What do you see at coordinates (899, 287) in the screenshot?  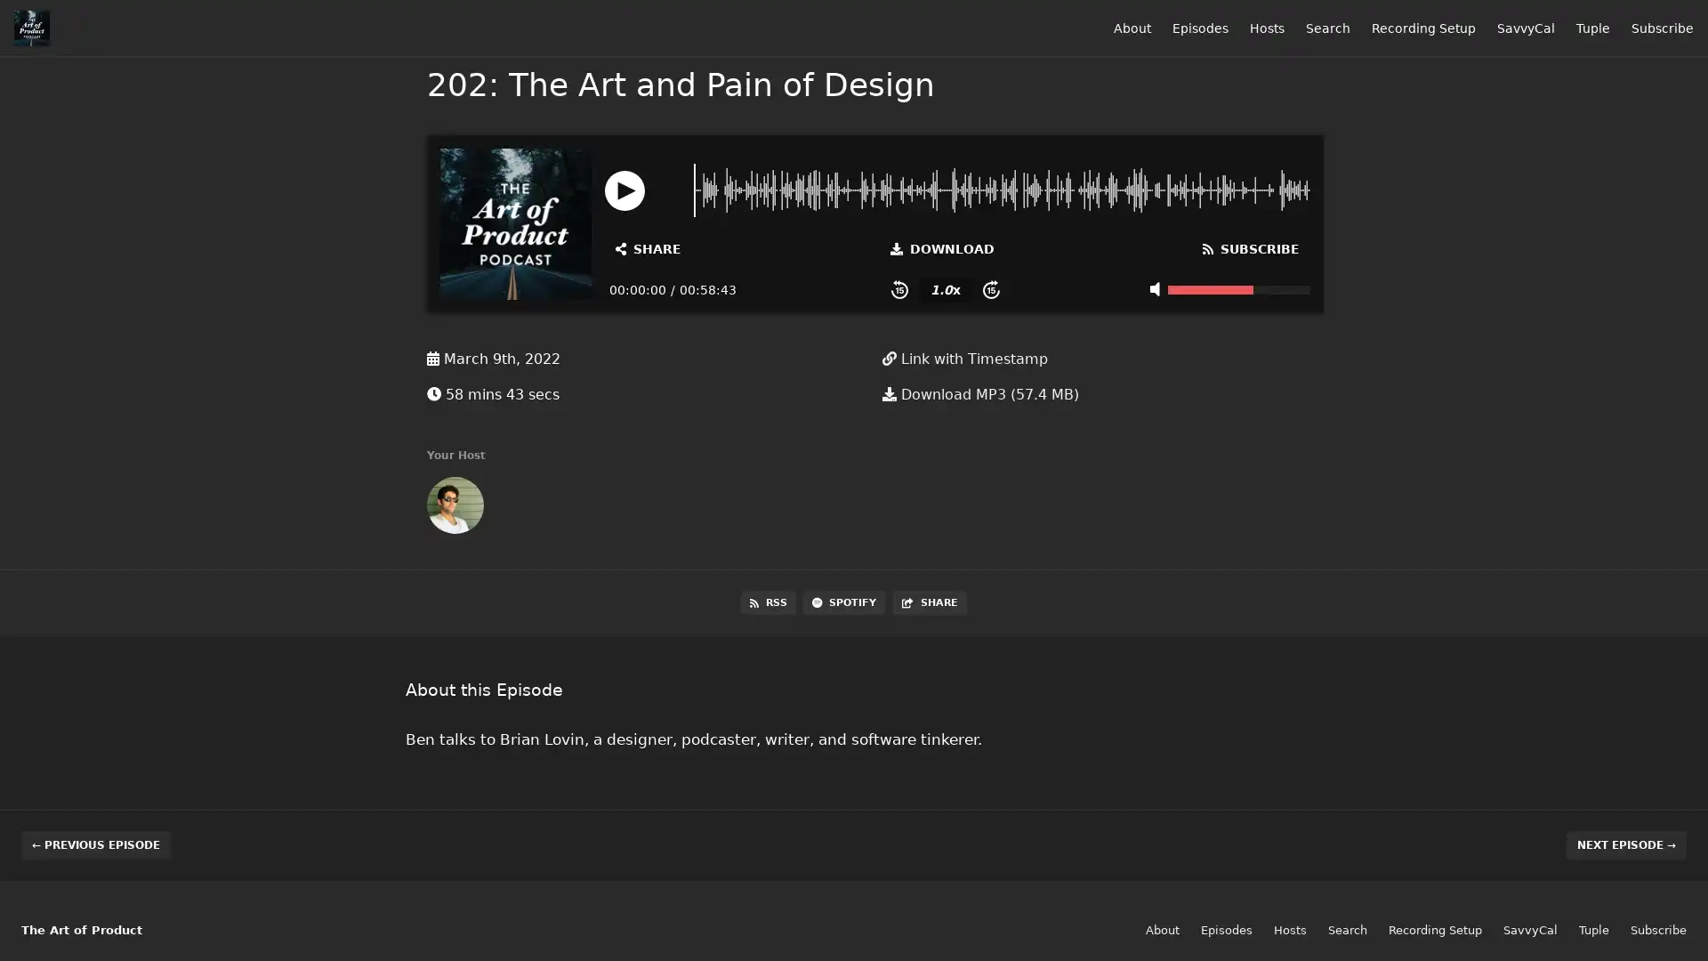 I see `Skip Back 15 Seconds` at bounding box center [899, 287].